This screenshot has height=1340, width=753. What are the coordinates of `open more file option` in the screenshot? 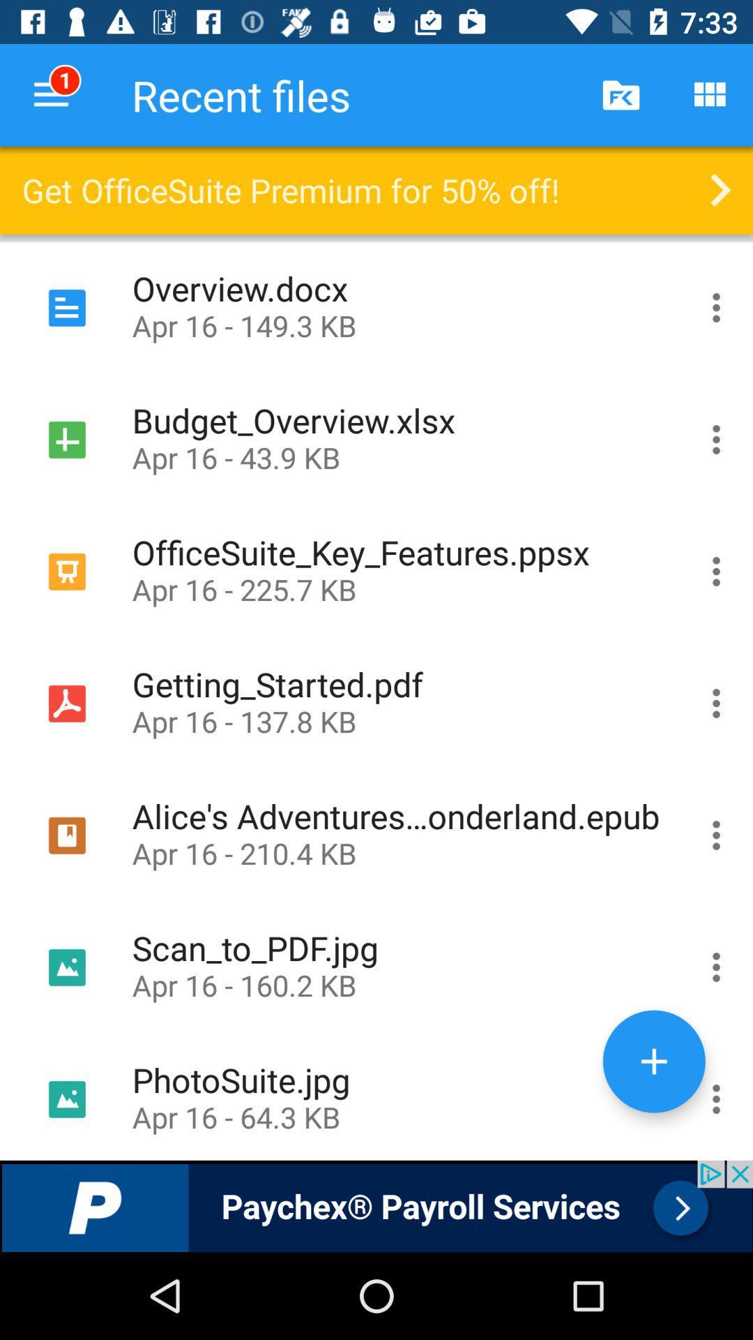 It's located at (716, 703).